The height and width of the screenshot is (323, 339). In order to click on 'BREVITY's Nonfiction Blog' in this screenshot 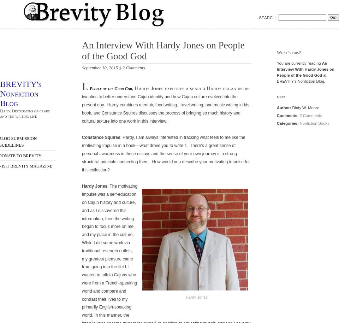, I will do `click(20, 93)`.